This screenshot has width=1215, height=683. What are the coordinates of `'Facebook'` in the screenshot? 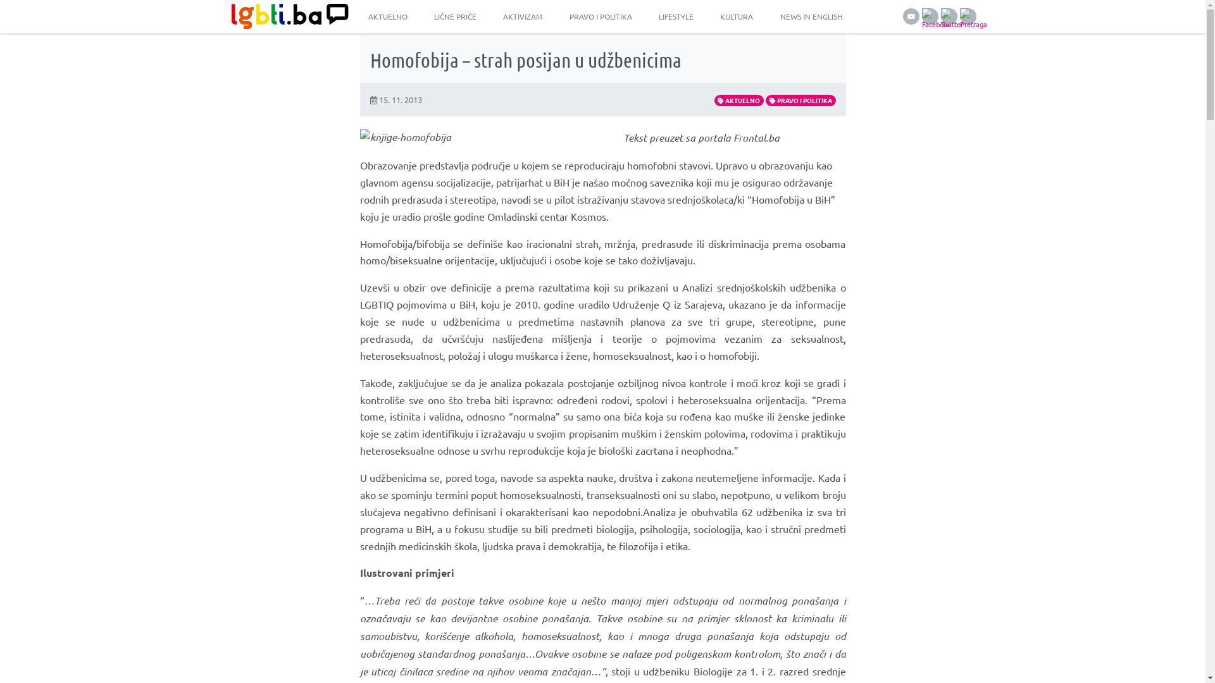 It's located at (929, 16).